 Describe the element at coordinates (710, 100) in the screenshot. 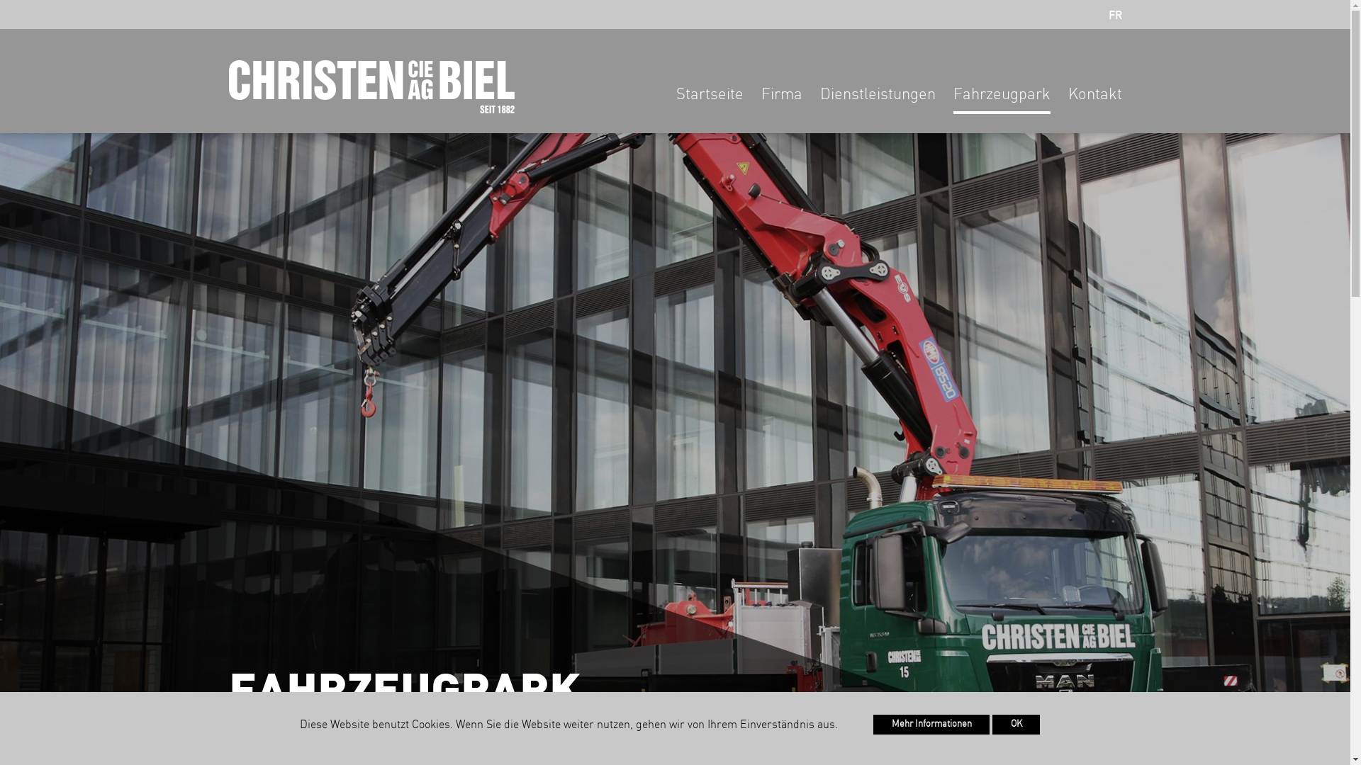

I see `'Startseite'` at that location.